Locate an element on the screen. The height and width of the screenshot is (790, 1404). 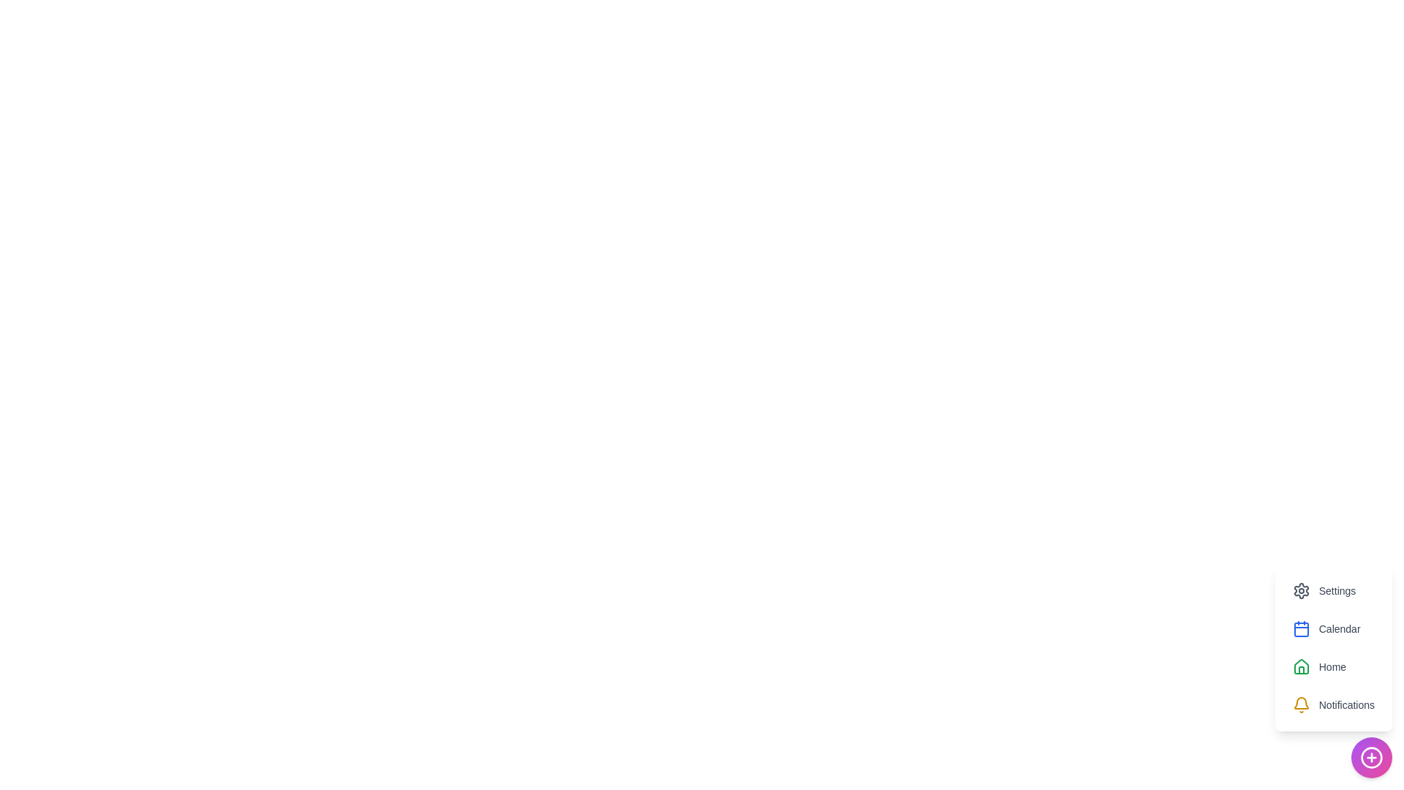
the Calendar option from the menu is located at coordinates (1326, 628).